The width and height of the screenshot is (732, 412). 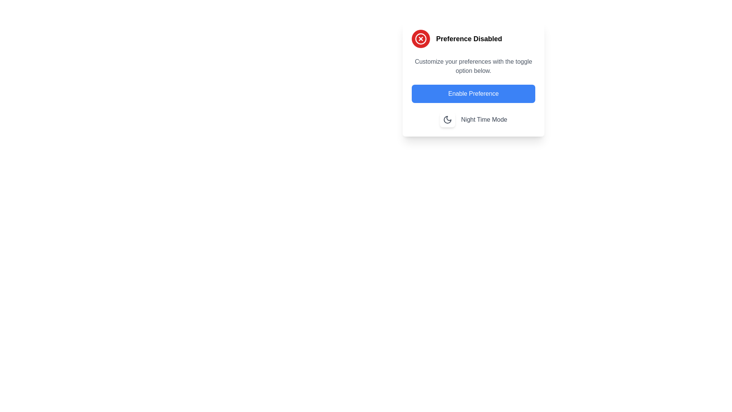 What do you see at coordinates (421, 39) in the screenshot?
I see `the small icon with a red background and a white 'x' symbol, located at the top left of the 'Preference Disabled' dialog box` at bounding box center [421, 39].